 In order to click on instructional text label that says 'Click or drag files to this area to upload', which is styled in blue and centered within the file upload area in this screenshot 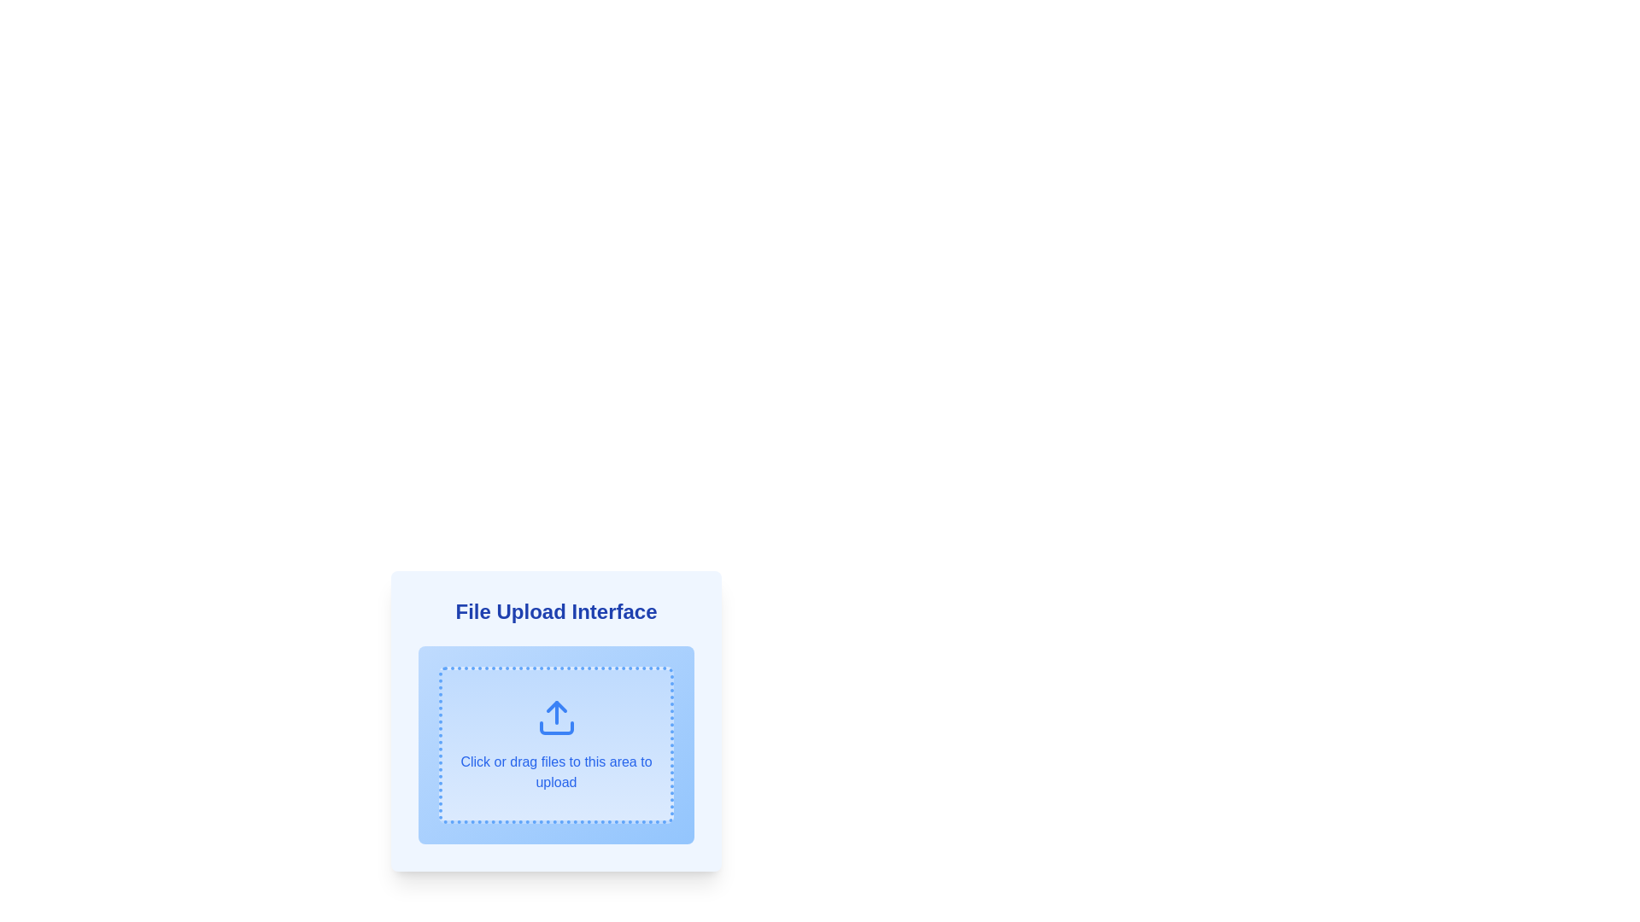, I will do `click(556, 773)`.